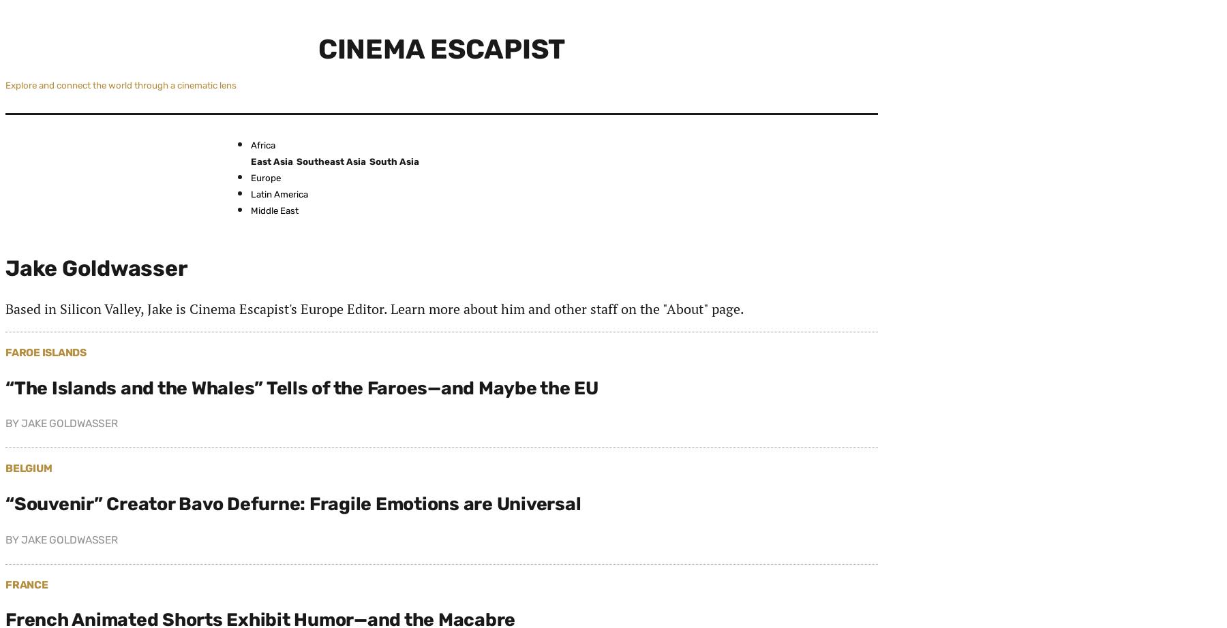 This screenshot has height=628, width=1227. Describe the element at coordinates (262, 144) in the screenshot. I see `'Africa'` at that location.